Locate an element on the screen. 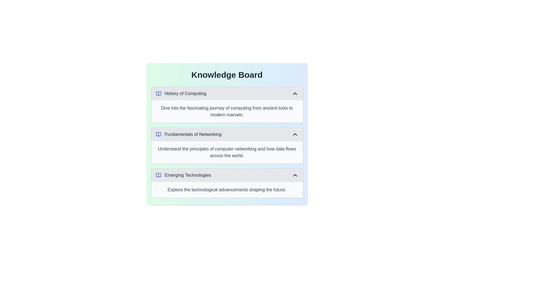 This screenshot has height=302, width=537. the static text element that describes computer networking, located in the card interface under 'Fundamentals of Networking', positioned between the 'History of Computing' and 'Emerging Technologies' sections is located at coordinates (227, 152).